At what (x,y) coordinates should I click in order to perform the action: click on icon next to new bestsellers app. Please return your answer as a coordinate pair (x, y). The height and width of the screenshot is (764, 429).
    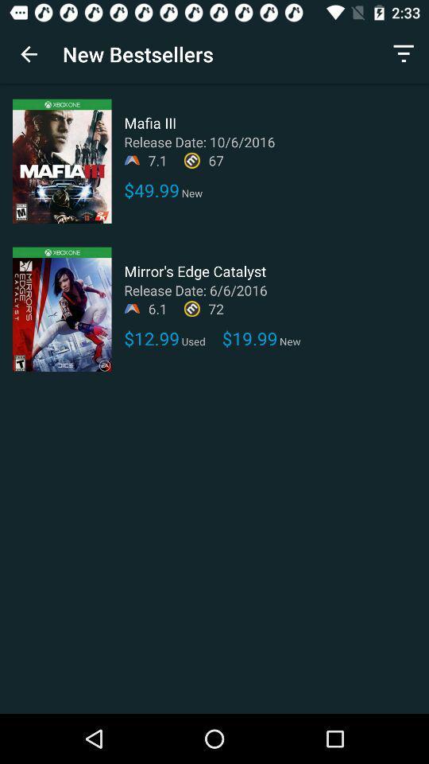
    Looking at the image, I should click on (29, 54).